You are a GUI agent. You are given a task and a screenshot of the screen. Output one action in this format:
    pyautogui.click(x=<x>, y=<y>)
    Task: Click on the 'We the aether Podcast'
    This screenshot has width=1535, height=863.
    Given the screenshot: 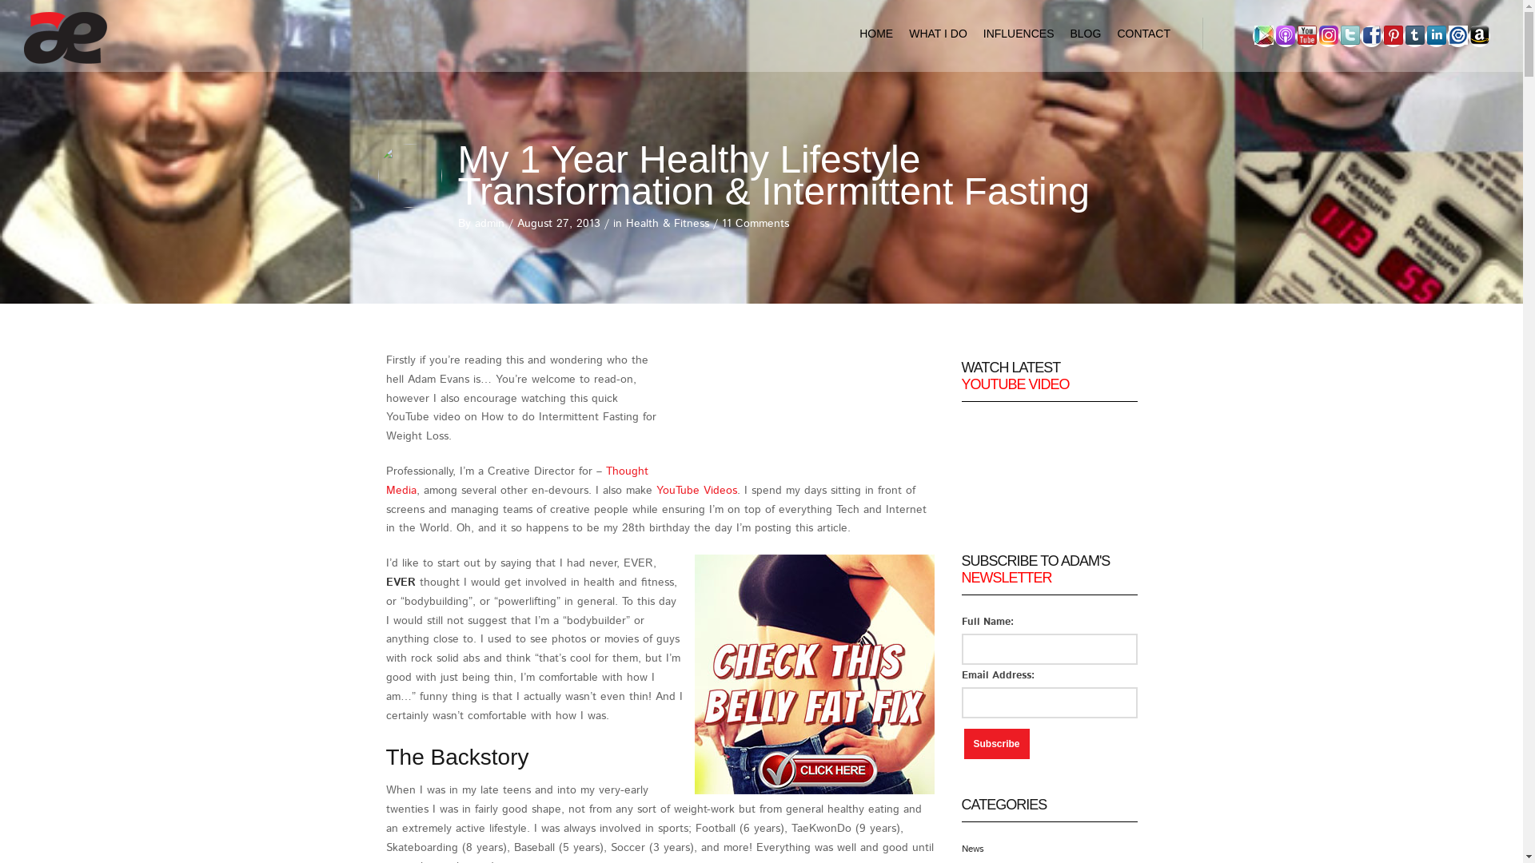 What is the action you would take?
    pyautogui.click(x=1286, y=34)
    